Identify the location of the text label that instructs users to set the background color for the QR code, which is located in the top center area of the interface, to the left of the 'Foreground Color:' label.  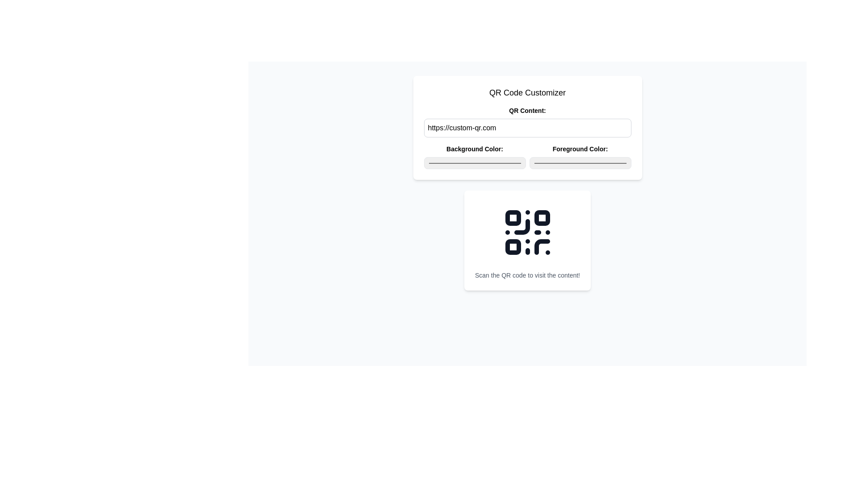
(474, 149).